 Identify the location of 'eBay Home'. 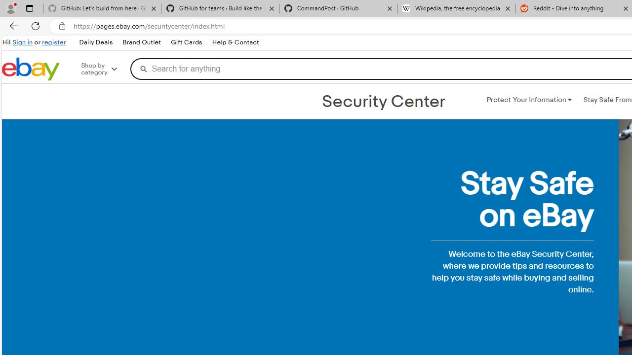
(31, 69).